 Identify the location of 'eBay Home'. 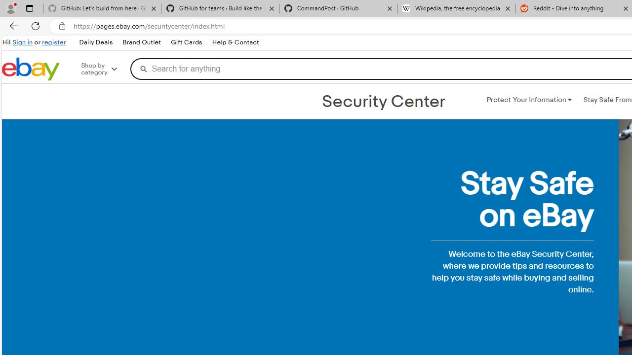
(31, 69).